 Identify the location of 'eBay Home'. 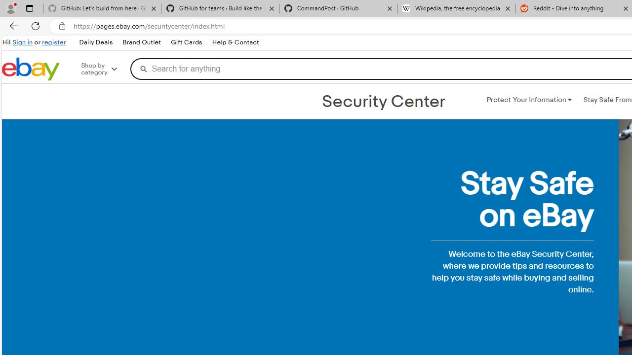
(31, 69).